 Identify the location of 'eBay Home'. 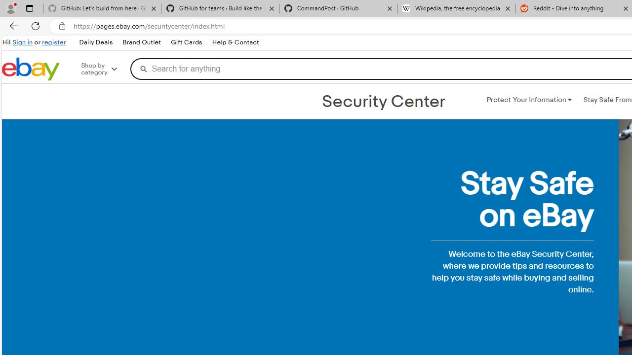
(31, 69).